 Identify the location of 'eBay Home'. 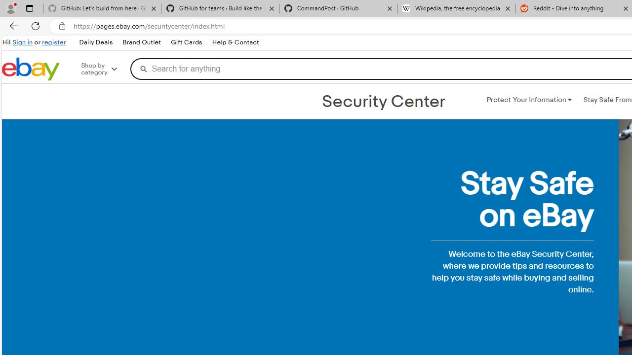
(31, 69).